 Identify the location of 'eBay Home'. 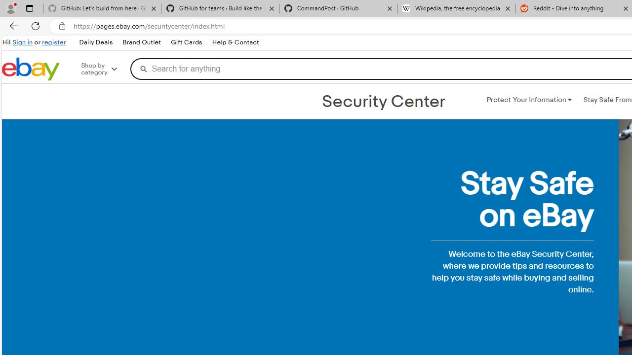
(31, 69).